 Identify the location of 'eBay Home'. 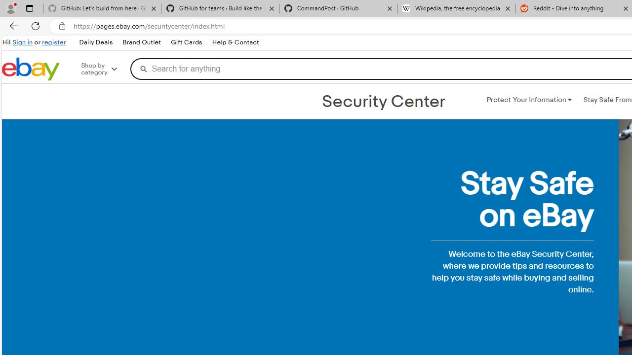
(31, 69).